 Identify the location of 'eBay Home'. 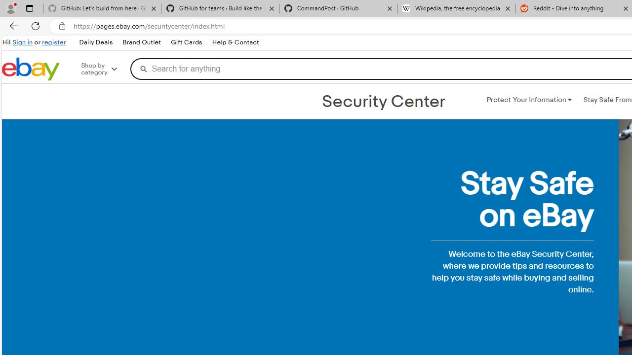
(31, 69).